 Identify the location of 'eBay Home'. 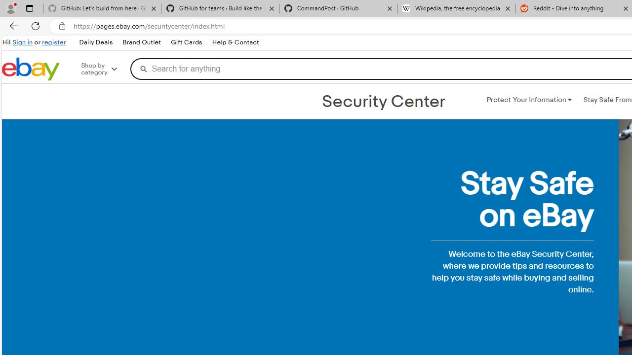
(31, 69).